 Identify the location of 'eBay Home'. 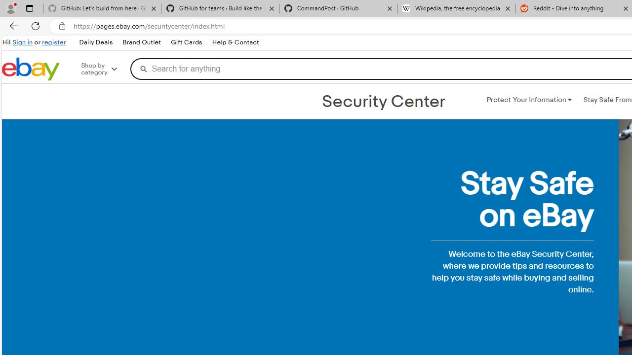
(31, 69).